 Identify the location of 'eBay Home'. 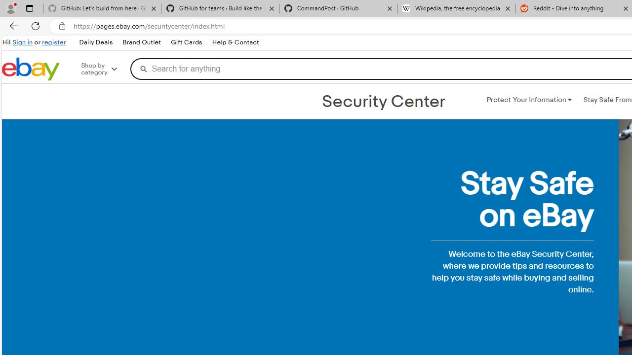
(31, 69).